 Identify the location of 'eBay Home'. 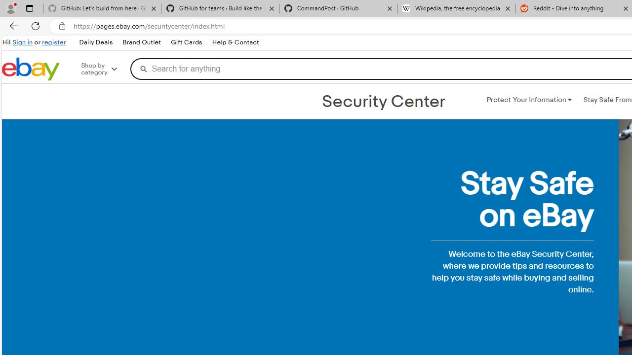
(31, 69).